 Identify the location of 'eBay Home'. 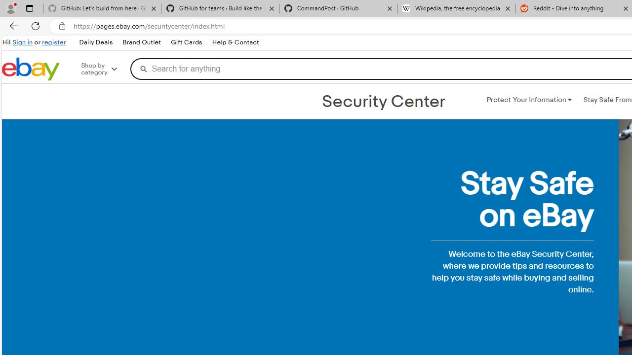
(31, 69).